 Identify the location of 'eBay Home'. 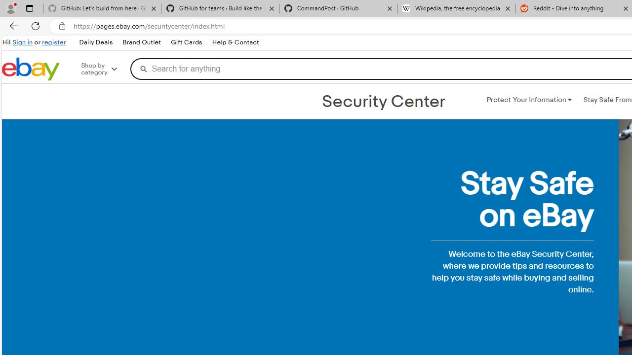
(31, 69).